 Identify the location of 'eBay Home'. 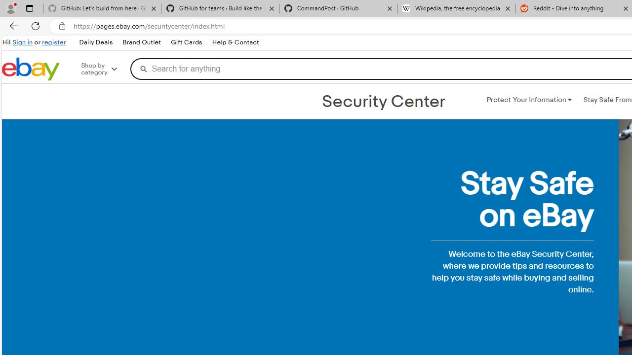
(31, 69).